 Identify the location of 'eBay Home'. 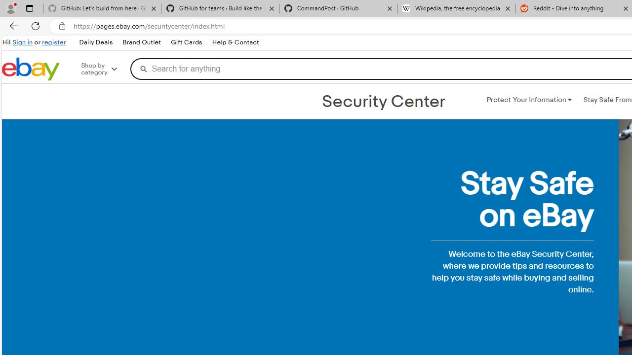
(31, 69).